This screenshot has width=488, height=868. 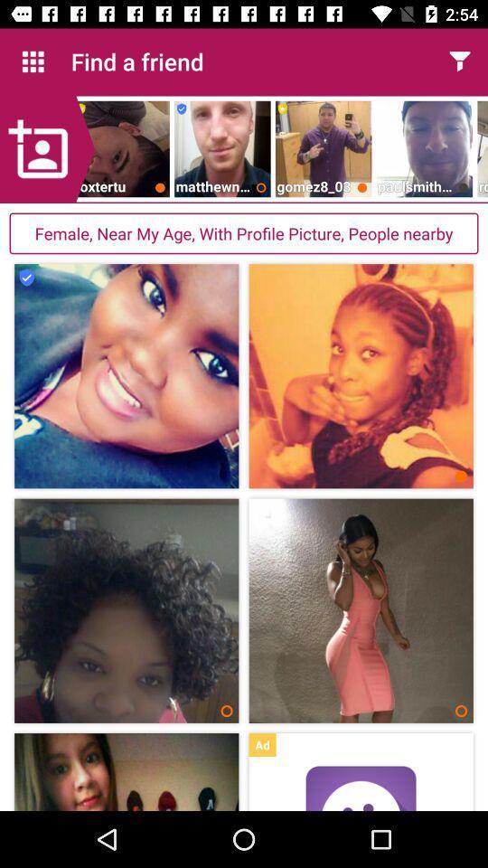 I want to click on female near my, so click(x=244, y=232).